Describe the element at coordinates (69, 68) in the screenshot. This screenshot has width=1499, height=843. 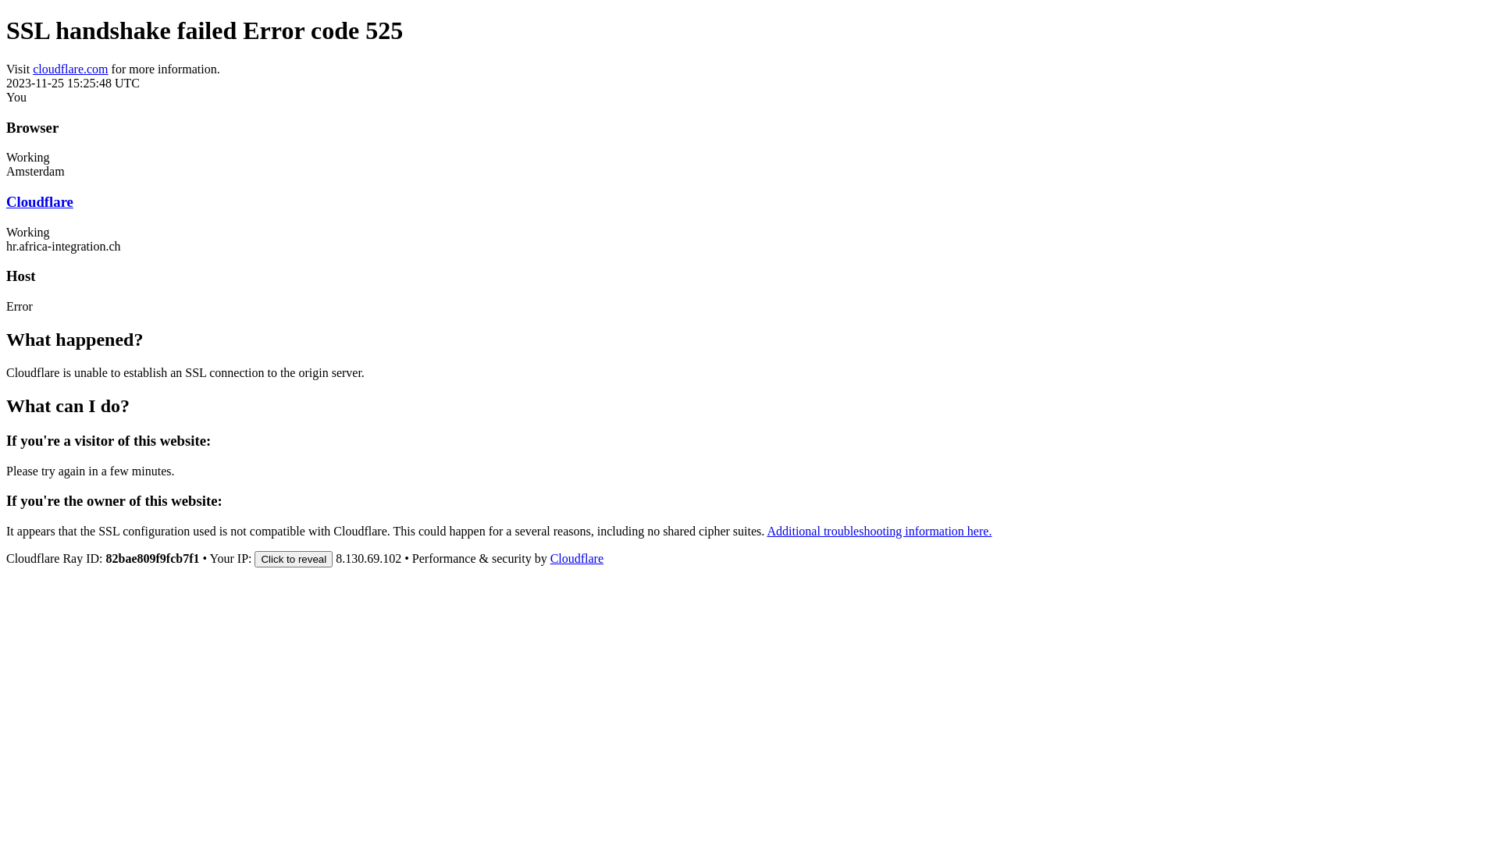
I see `'cloudflare.com'` at that location.